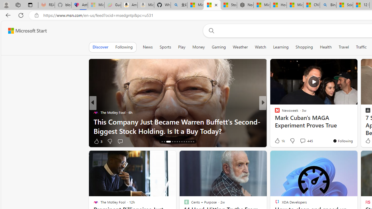 The width and height of the screenshot is (372, 209). Describe the element at coordinates (301, 141) in the screenshot. I see `'View comments 34 Comment'` at that location.